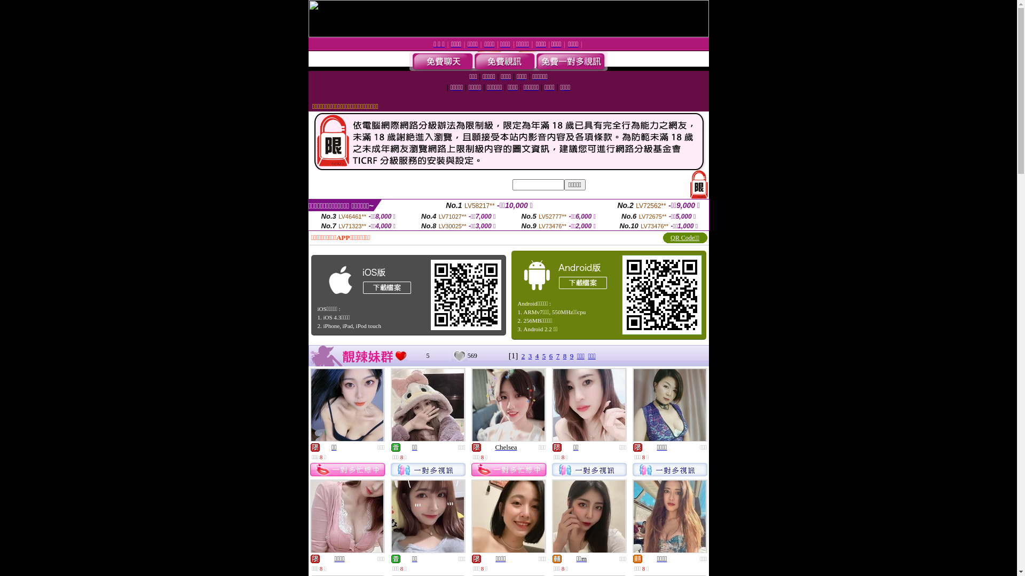 This screenshot has height=576, width=1025. I want to click on '7', so click(557, 356).